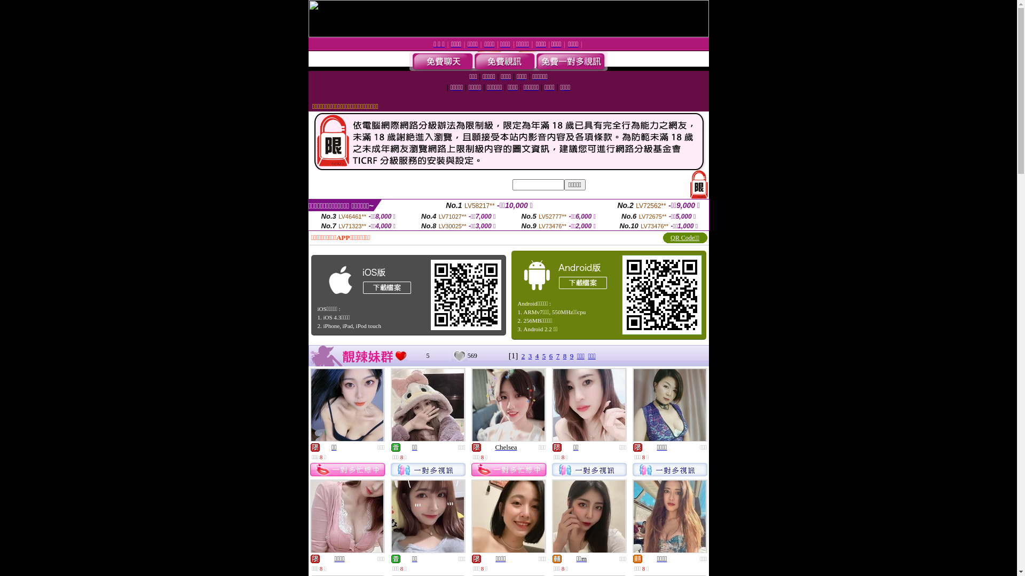 This screenshot has height=576, width=1025. I want to click on '7', so click(557, 356).